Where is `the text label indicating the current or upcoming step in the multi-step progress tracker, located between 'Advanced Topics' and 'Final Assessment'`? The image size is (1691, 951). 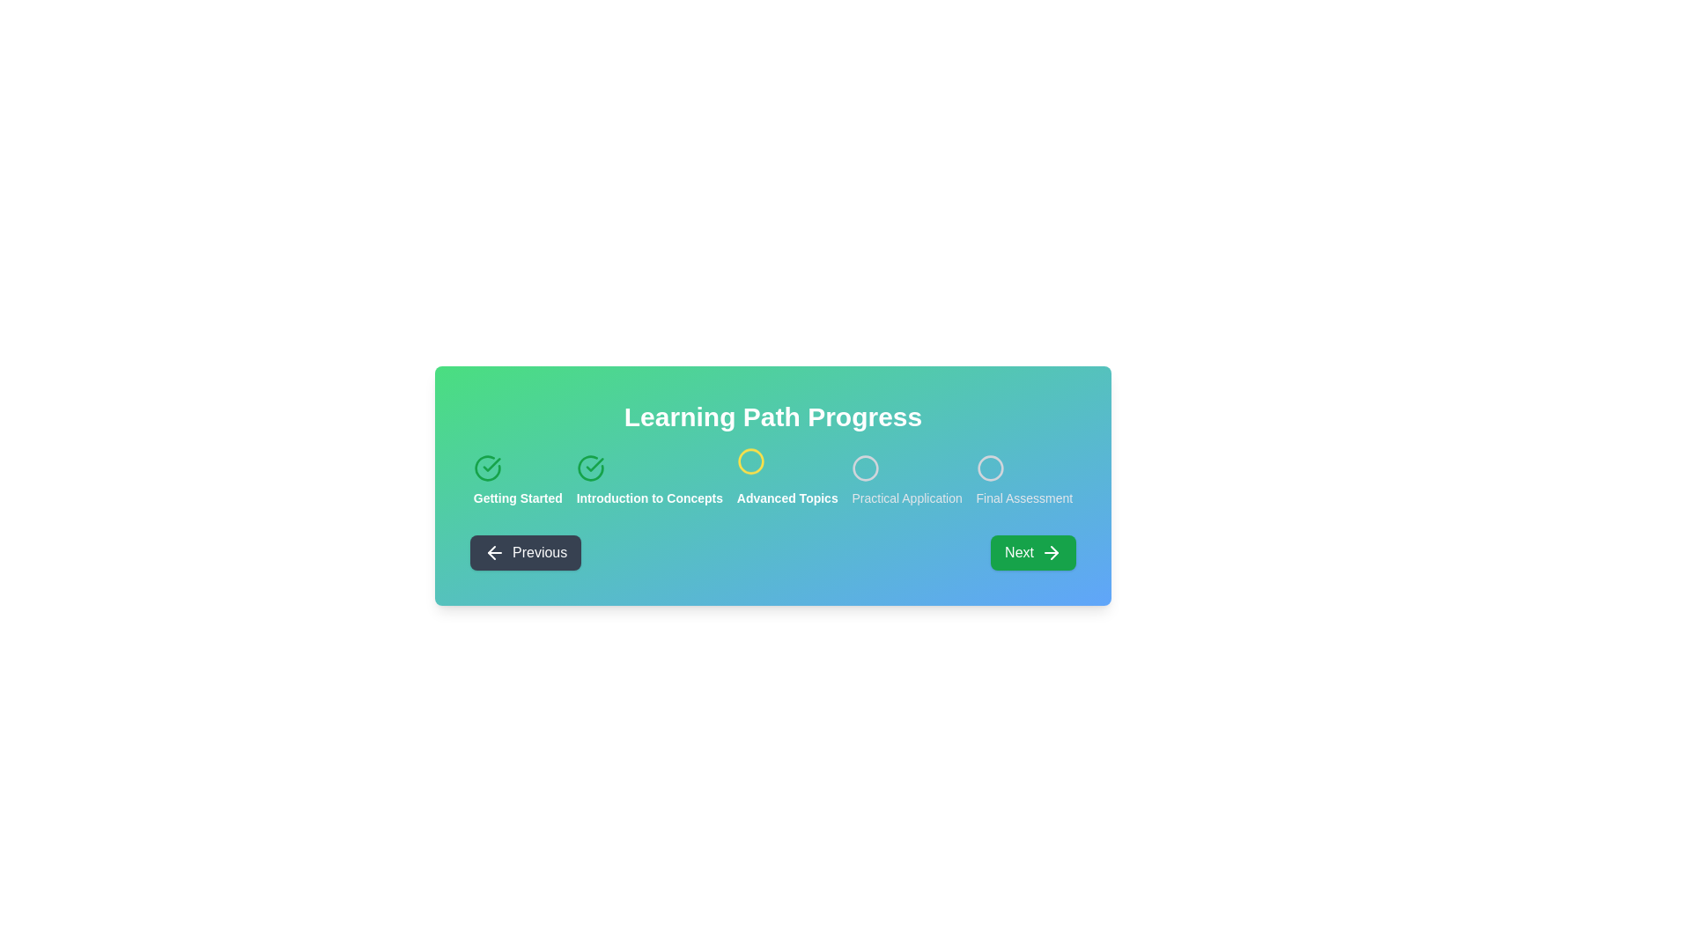
the text label indicating the current or upcoming step in the multi-step progress tracker, located between 'Advanced Topics' and 'Final Assessment' is located at coordinates (907, 498).